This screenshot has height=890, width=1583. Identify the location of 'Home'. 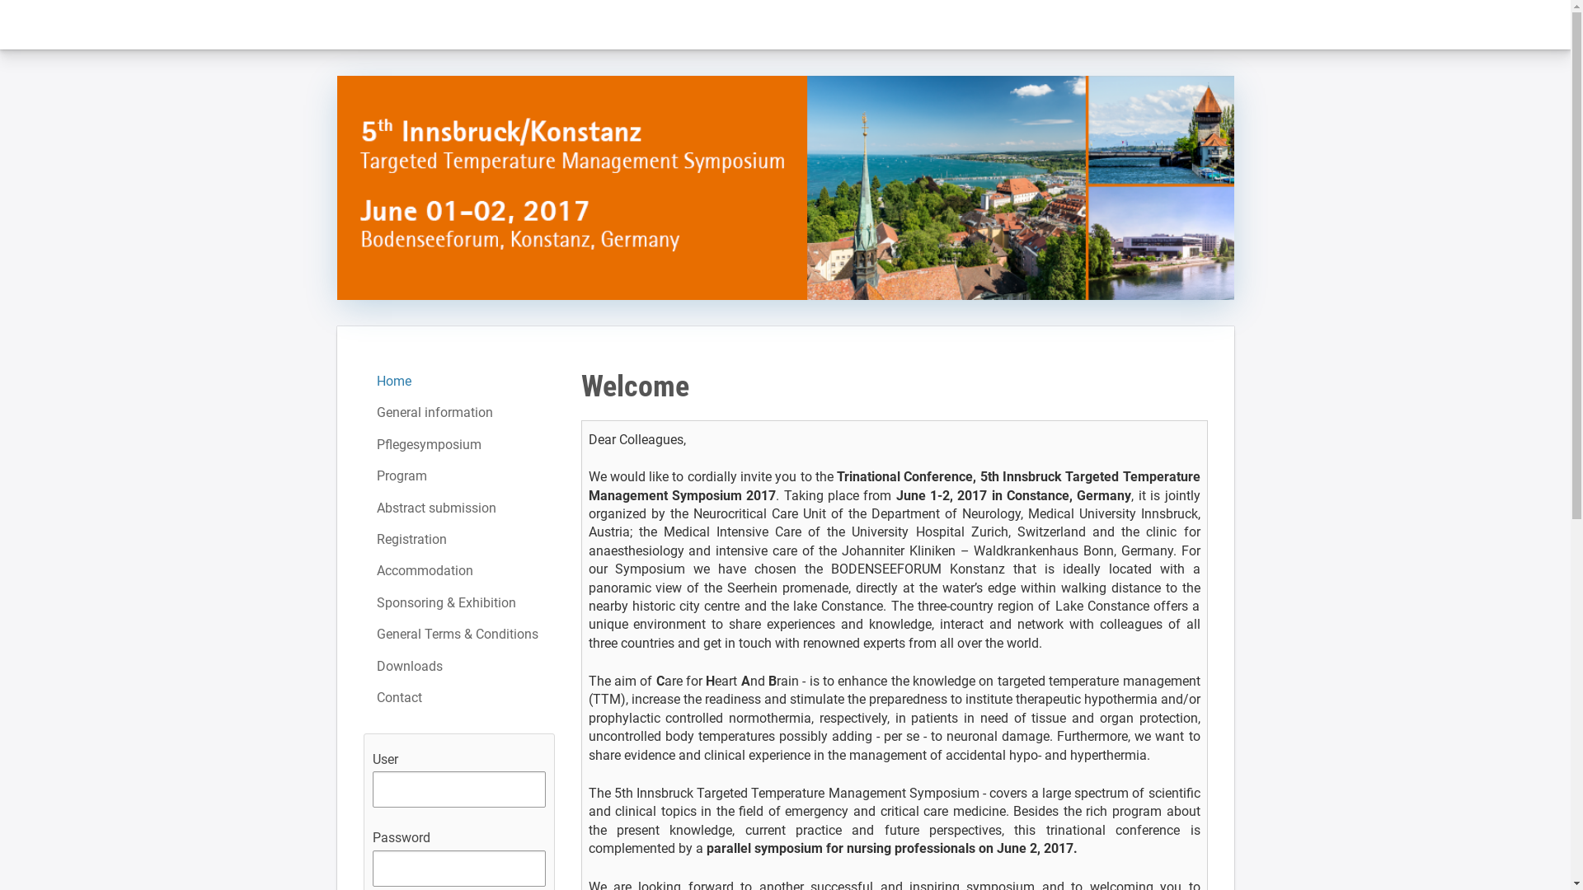
(362, 381).